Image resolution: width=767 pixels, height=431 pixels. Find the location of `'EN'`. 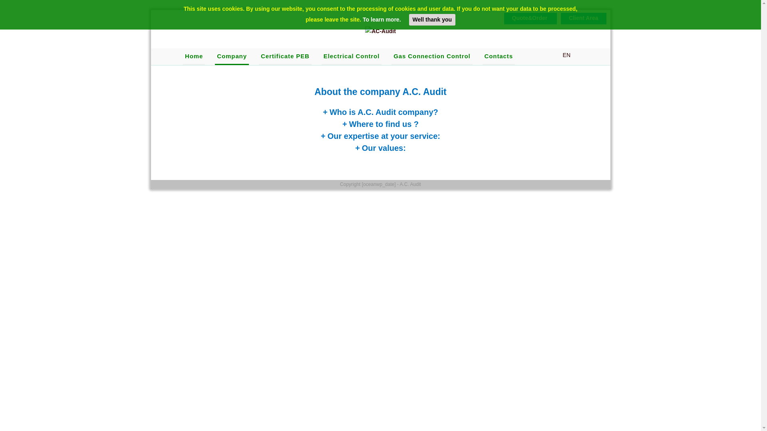

'EN' is located at coordinates (562, 55).